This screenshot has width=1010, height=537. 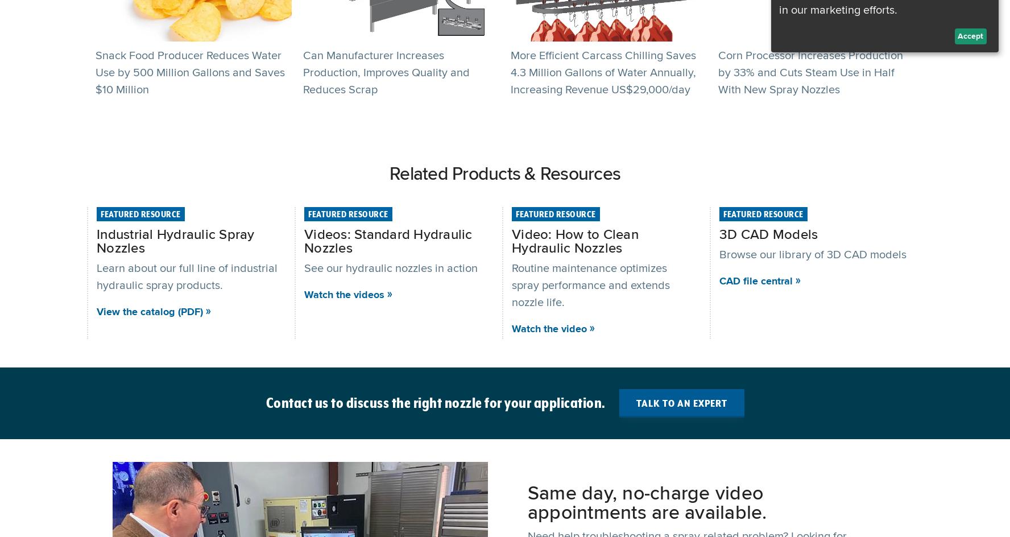 What do you see at coordinates (343, 294) in the screenshot?
I see `'Watch the videos'` at bounding box center [343, 294].